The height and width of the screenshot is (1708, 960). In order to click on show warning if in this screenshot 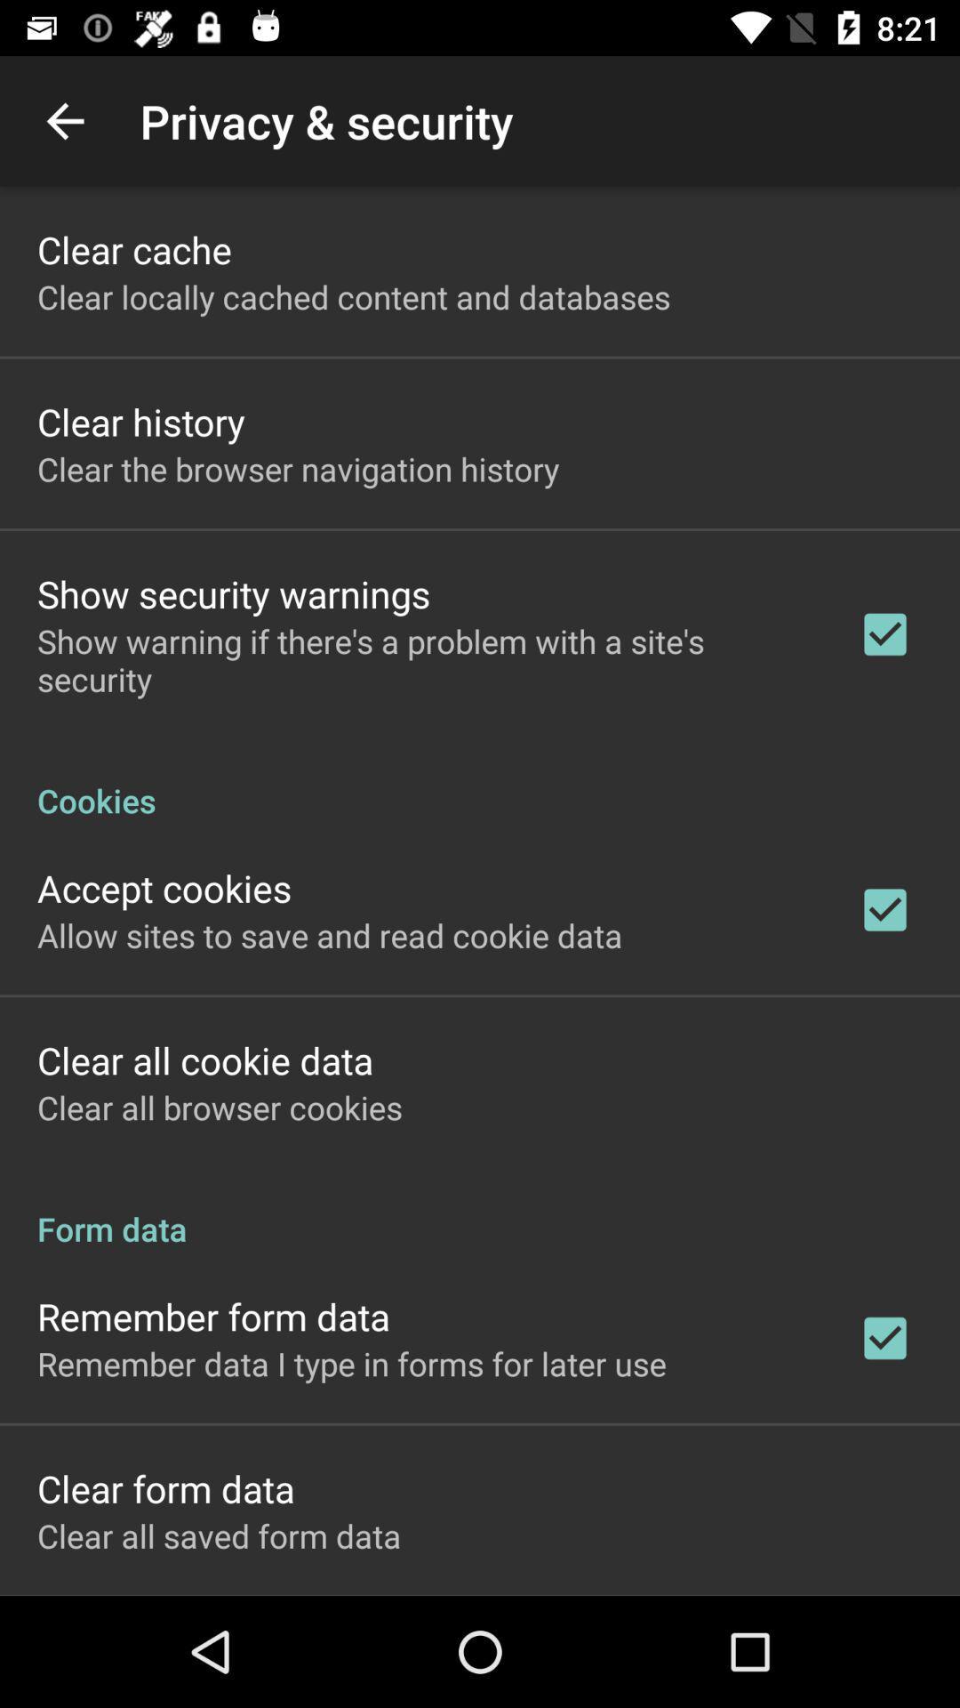, I will do `click(424, 659)`.